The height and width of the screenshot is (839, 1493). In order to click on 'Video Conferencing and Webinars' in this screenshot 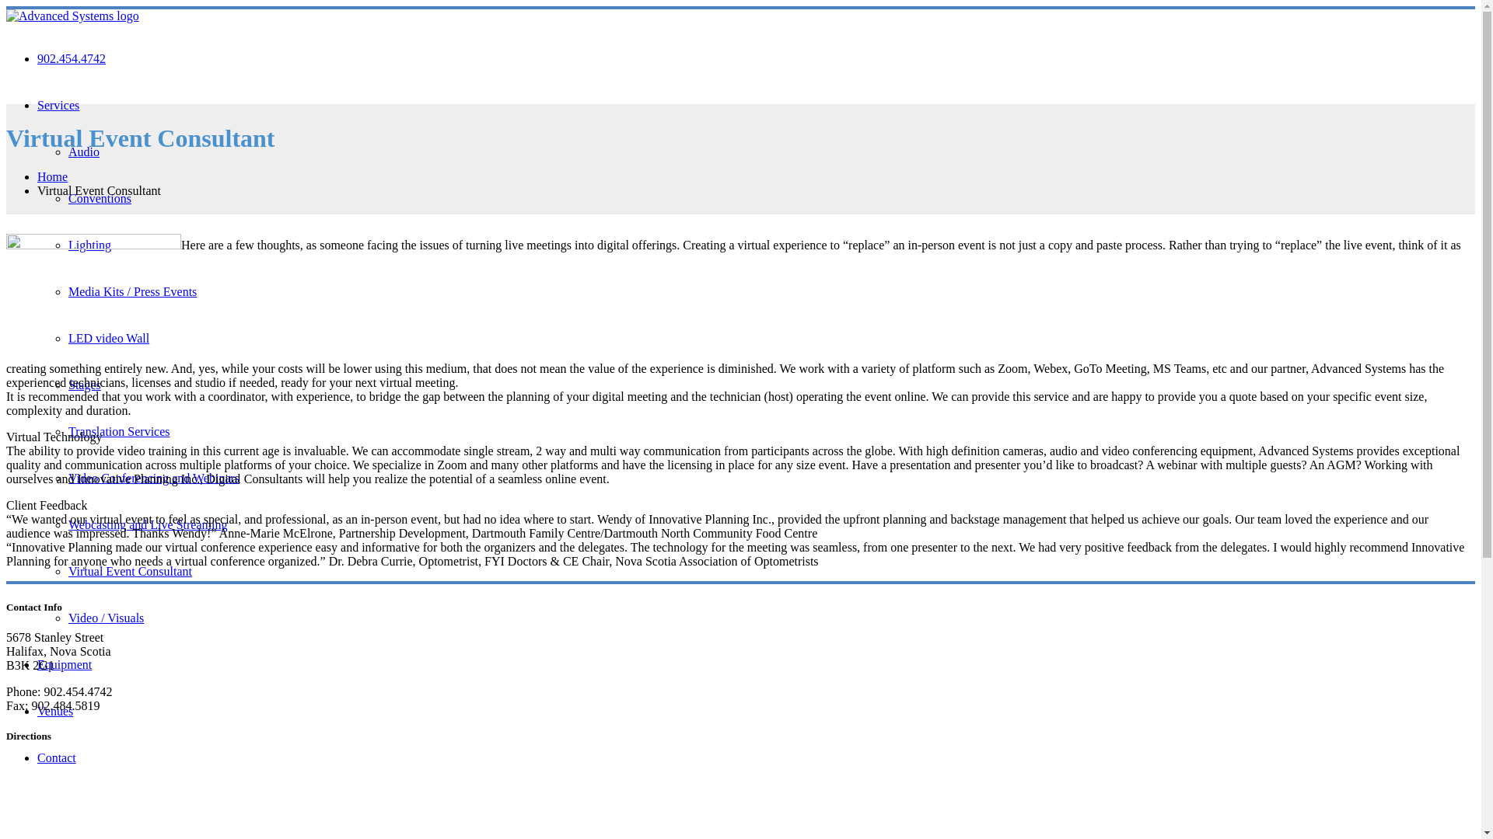, I will do `click(153, 477)`.